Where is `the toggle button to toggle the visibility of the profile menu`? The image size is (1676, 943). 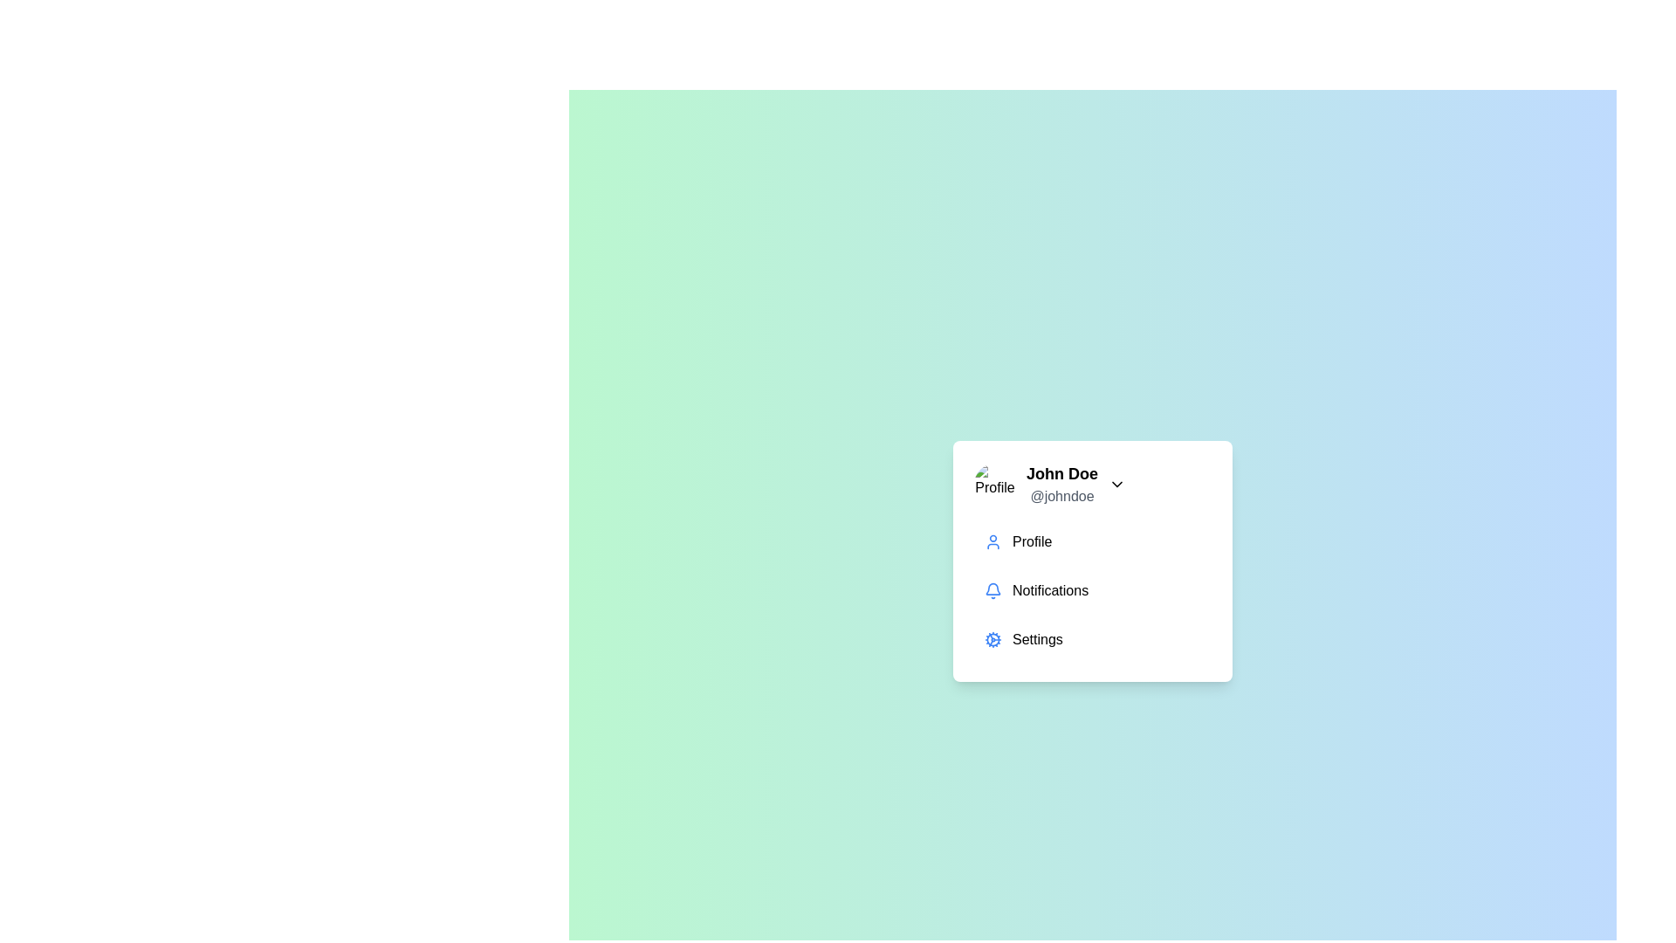
the toggle button to toggle the visibility of the profile menu is located at coordinates (1117, 485).